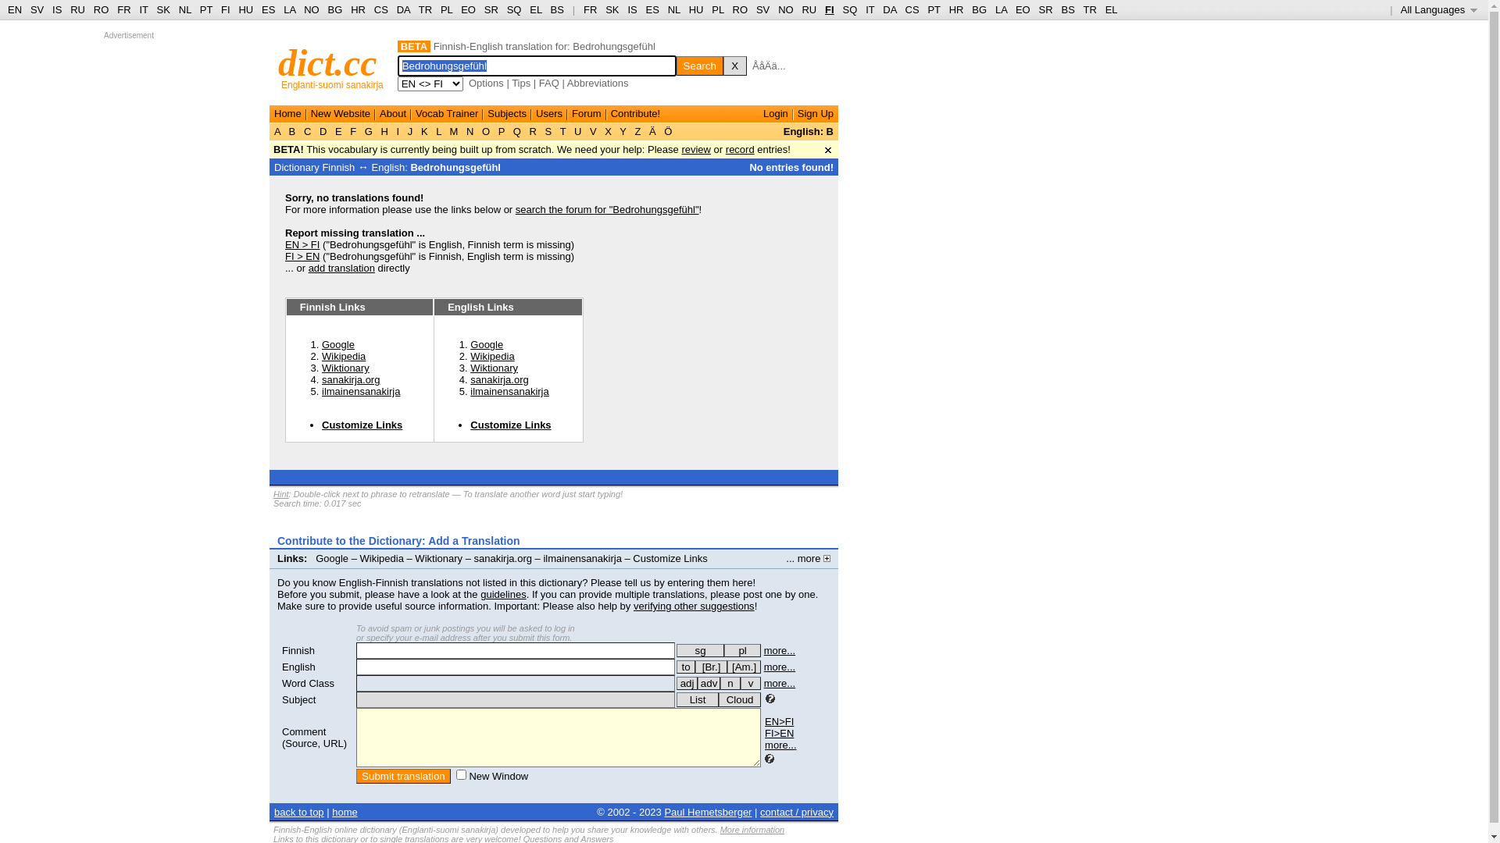 This screenshot has width=1500, height=843. I want to click on 'R', so click(526, 130).